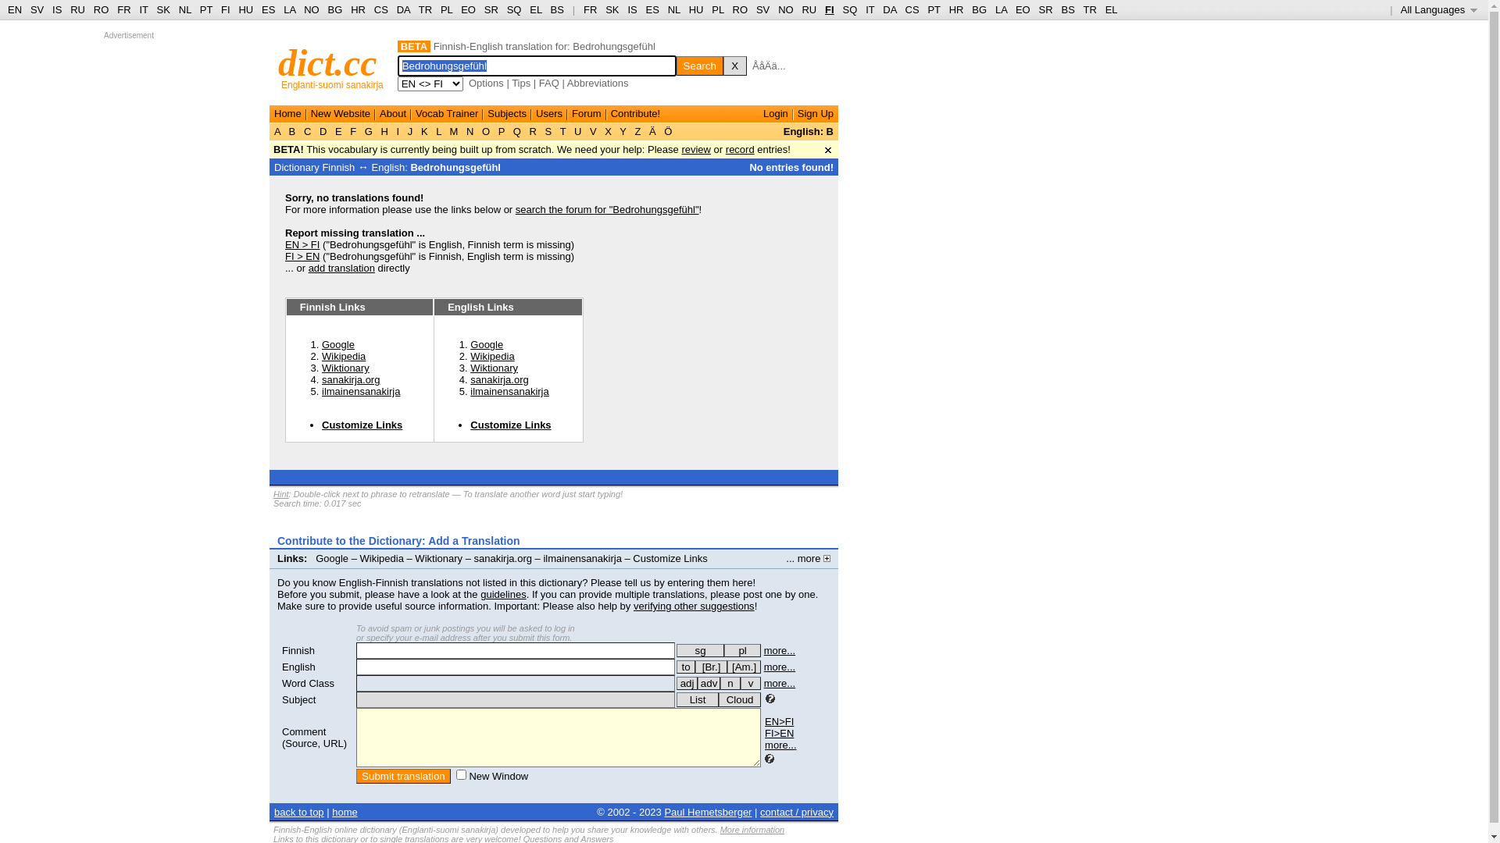 This screenshot has width=1500, height=843. I want to click on 'R', so click(526, 130).